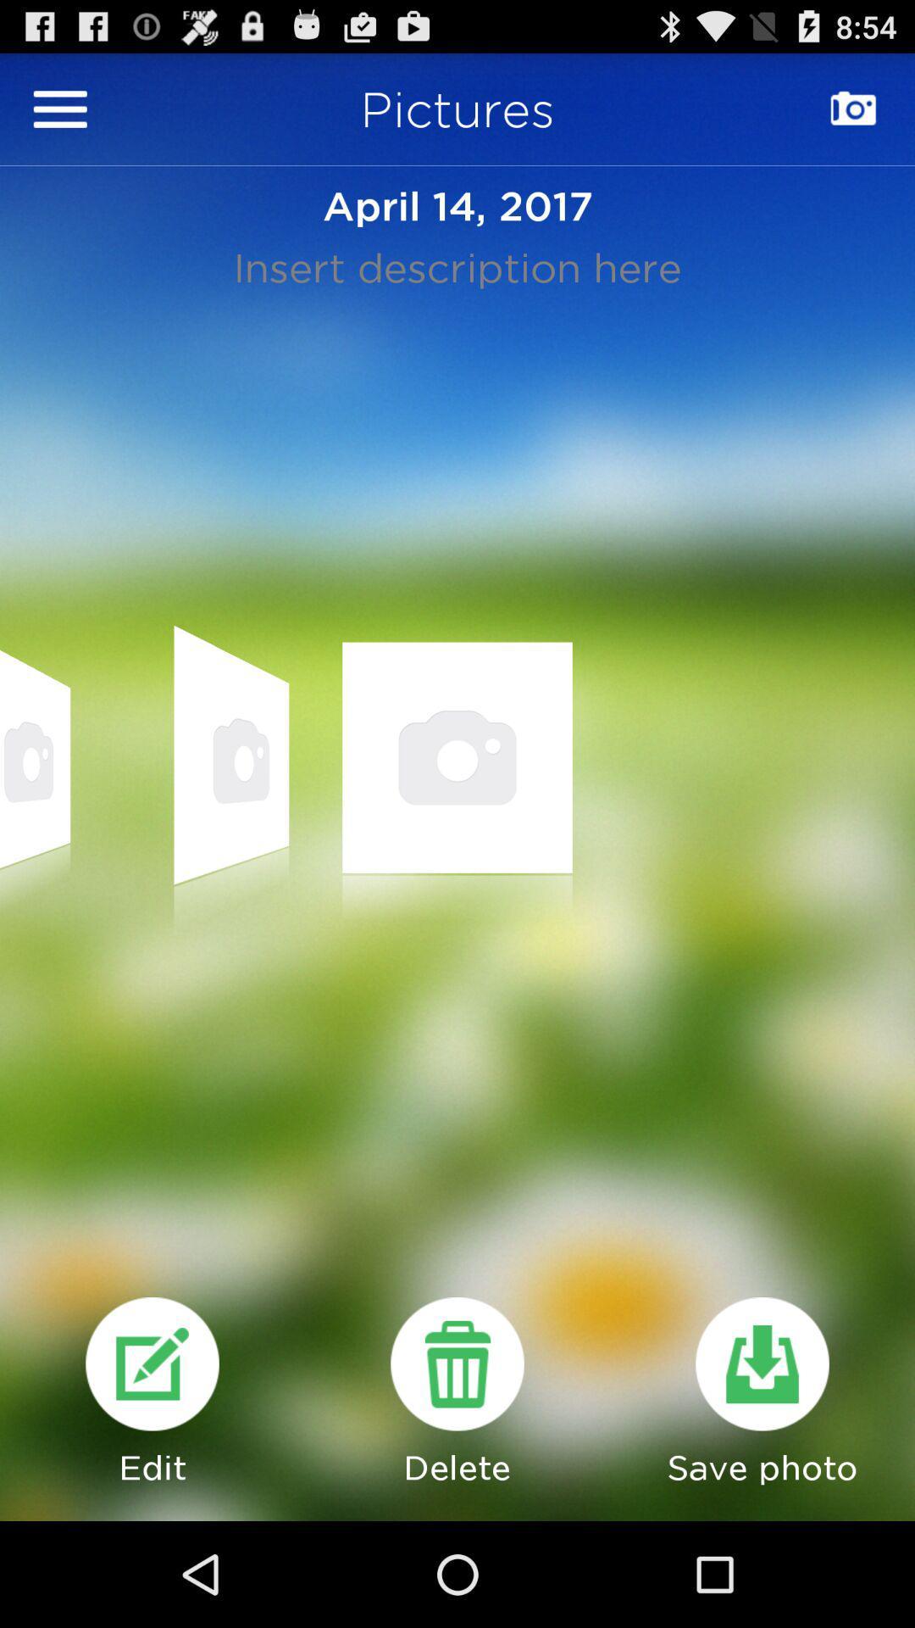  I want to click on delete, so click(457, 1363).